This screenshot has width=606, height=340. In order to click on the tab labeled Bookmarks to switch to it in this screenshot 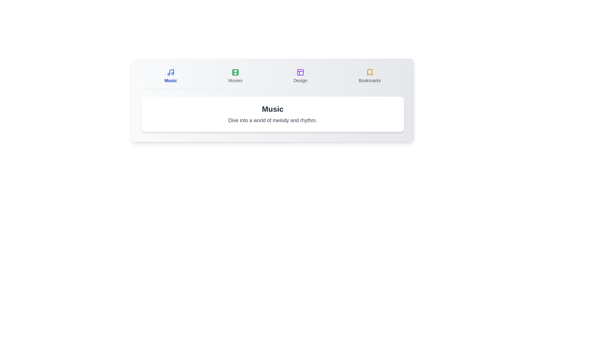, I will do `click(370, 76)`.